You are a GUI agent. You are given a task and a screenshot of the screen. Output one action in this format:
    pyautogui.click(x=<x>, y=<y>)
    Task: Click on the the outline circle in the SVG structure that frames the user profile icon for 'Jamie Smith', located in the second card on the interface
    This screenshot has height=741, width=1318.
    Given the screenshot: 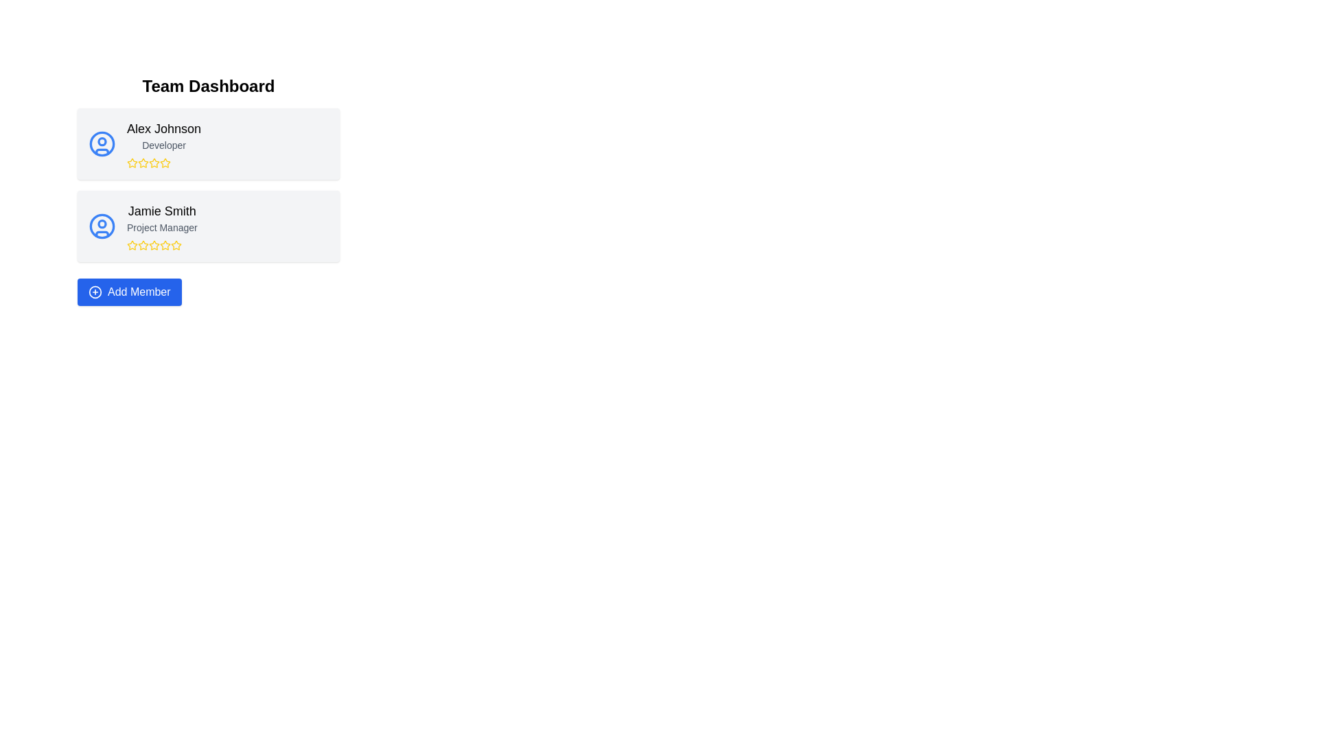 What is the action you would take?
    pyautogui.click(x=101, y=226)
    